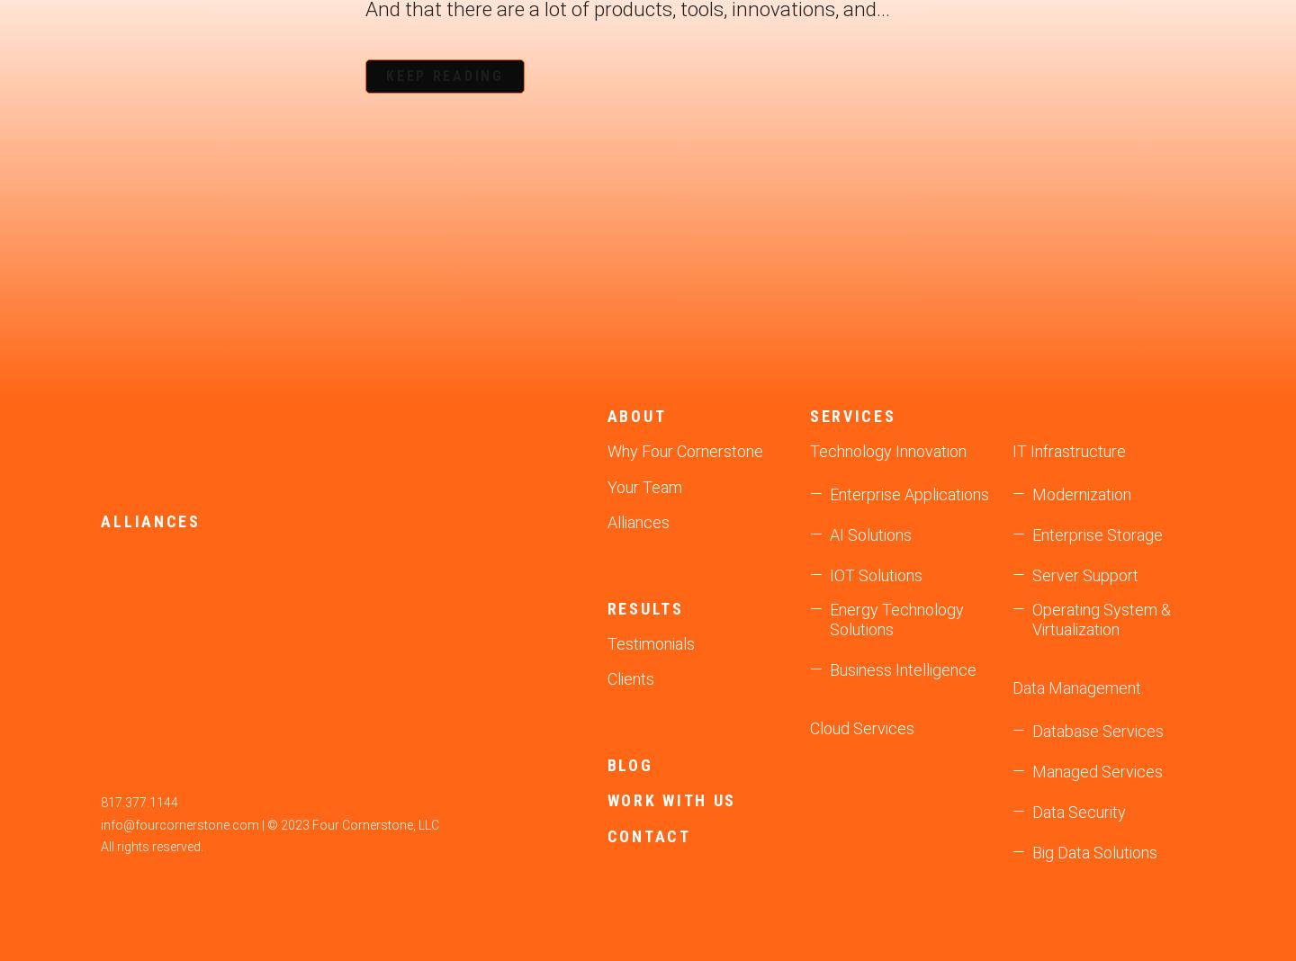  I want to click on 'Enterprise Applications', so click(908, 492).